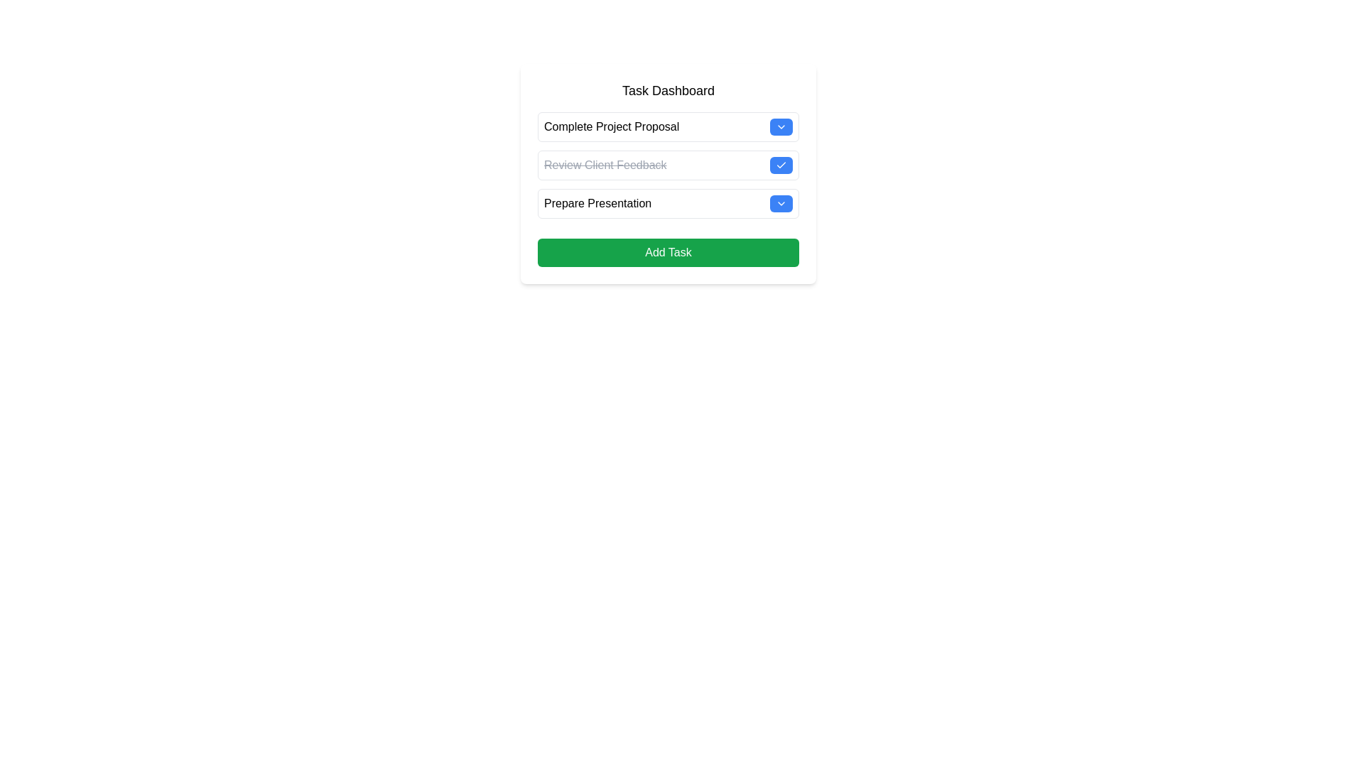 Image resolution: width=1364 pixels, height=767 pixels. Describe the element at coordinates (667, 164) in the screenshot. I see `the completed task item labeled 'Review Client Feedback' which has a checkmark button on the right` at that location.